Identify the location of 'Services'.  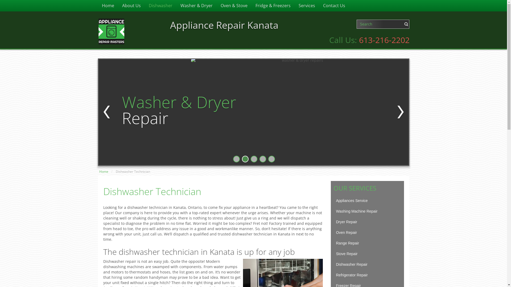
(294, 6).